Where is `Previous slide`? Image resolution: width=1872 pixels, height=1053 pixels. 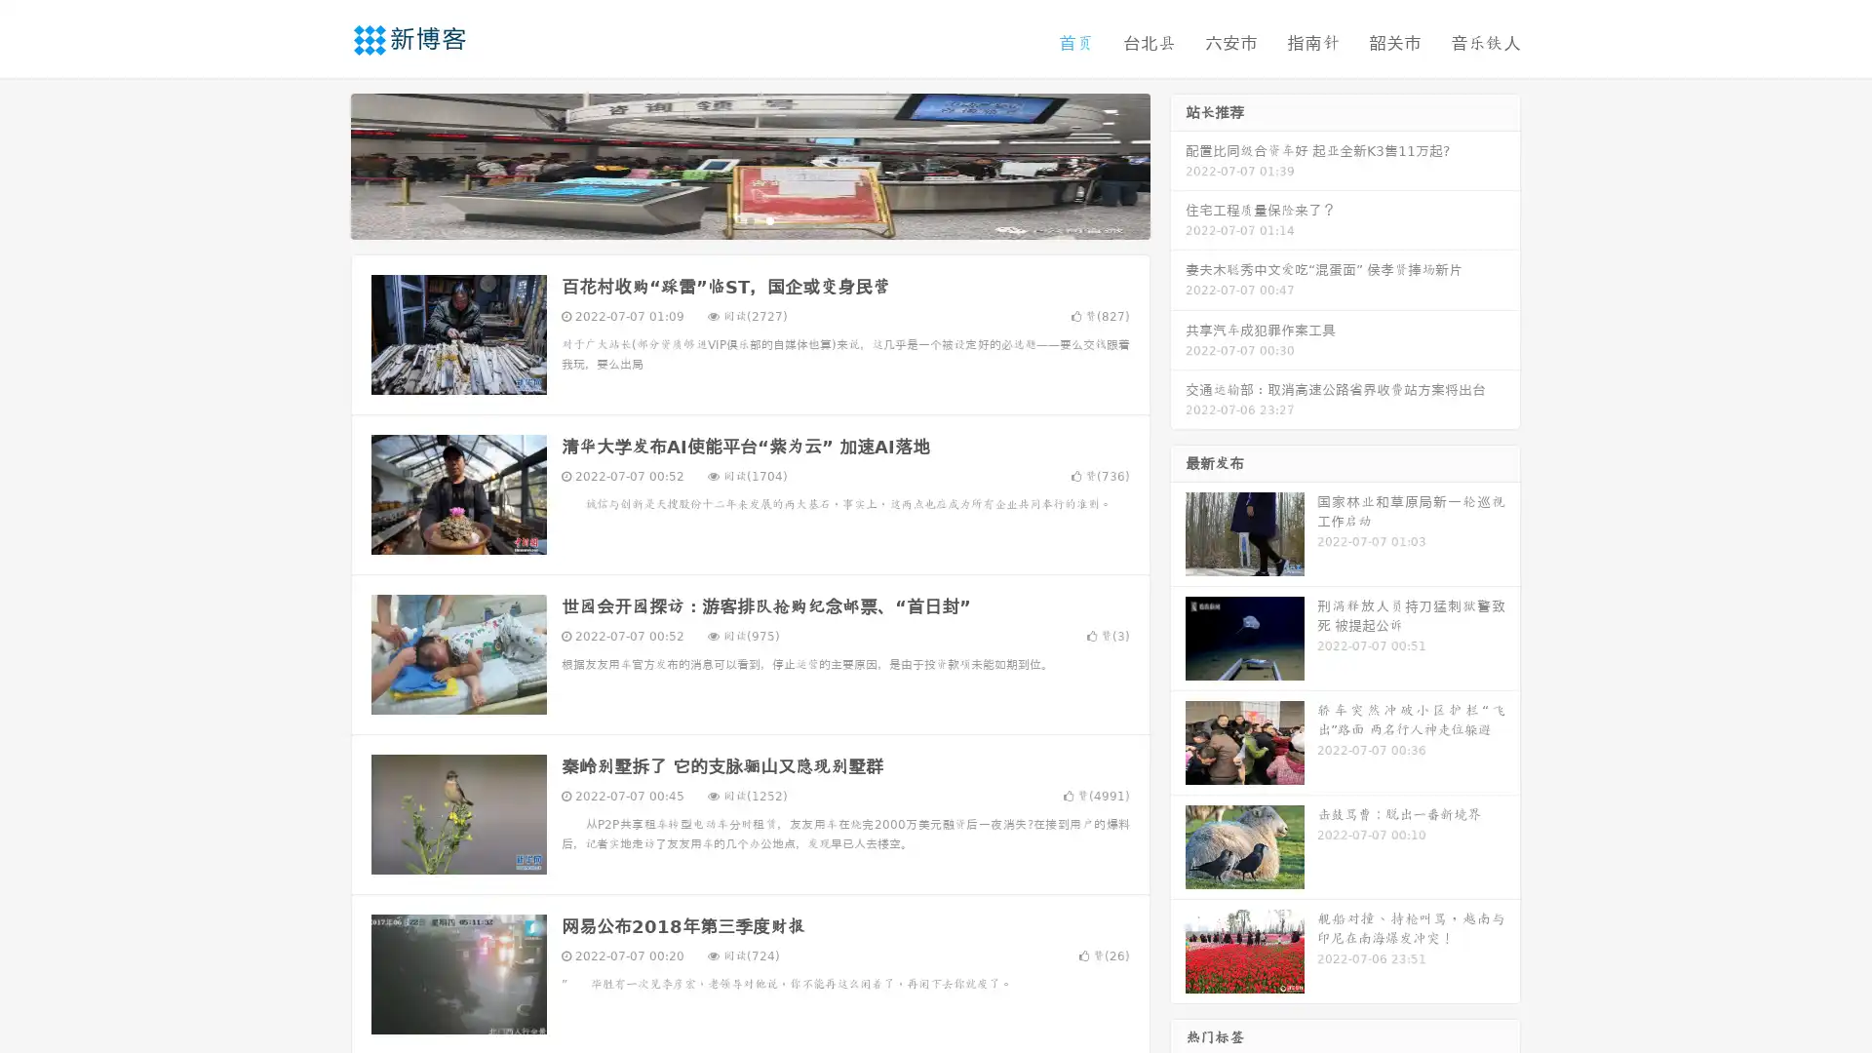
Previous slide is located at coordinates (322, 164).